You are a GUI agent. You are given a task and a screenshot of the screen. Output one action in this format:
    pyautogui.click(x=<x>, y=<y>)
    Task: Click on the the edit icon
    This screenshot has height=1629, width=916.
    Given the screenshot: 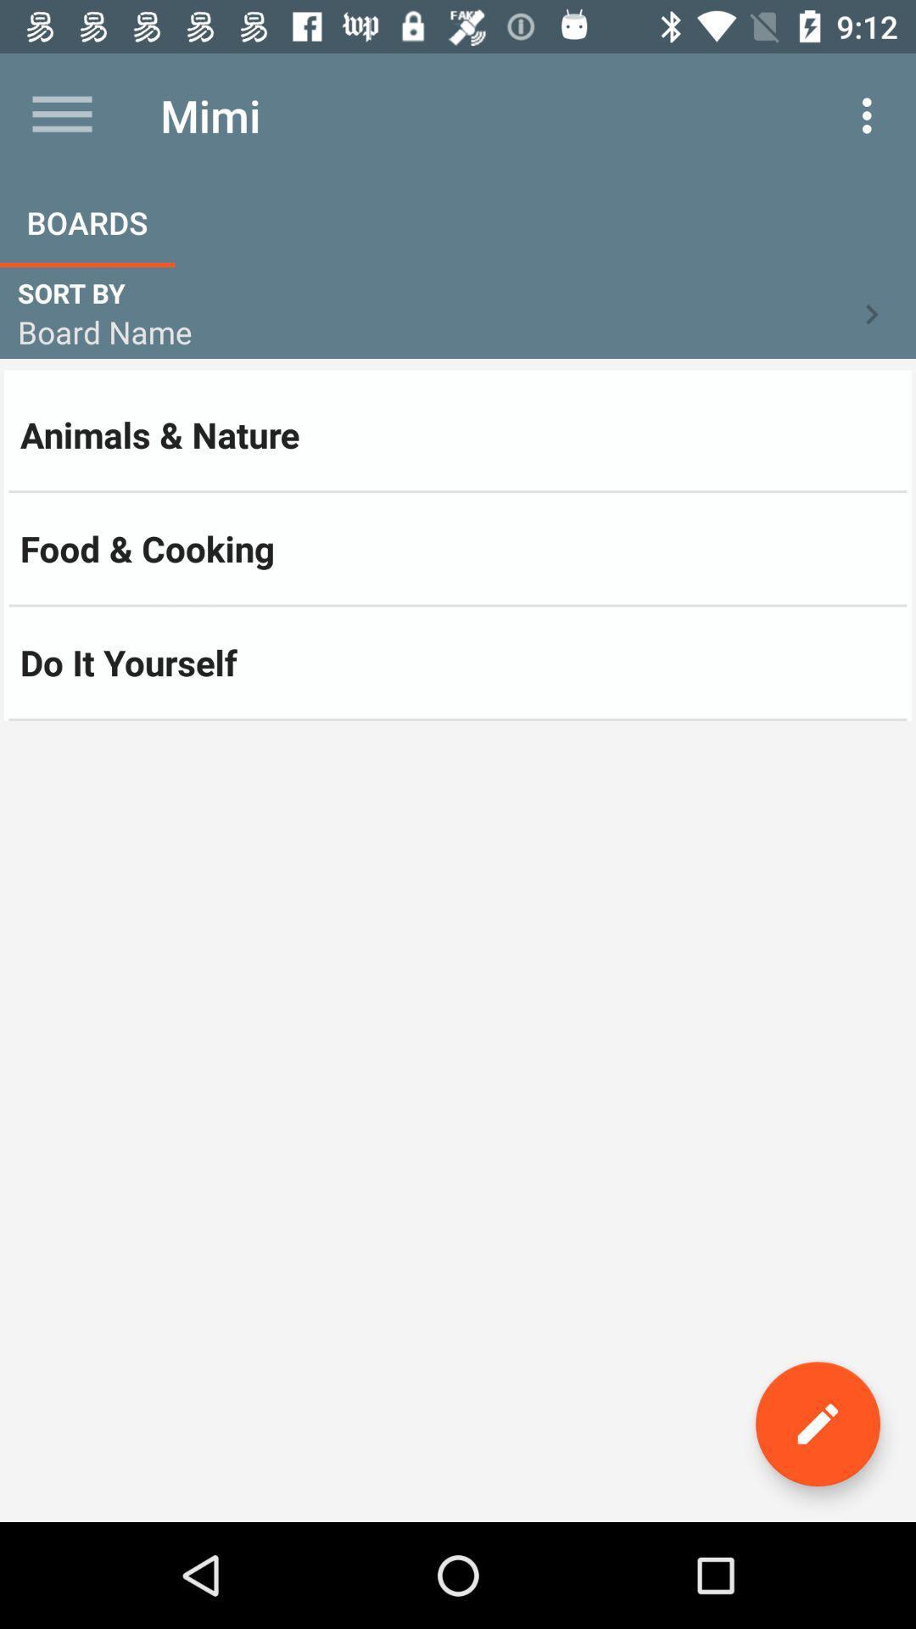 What is the action you would take?
    pyautogui.click(x=817, y=1424)
    